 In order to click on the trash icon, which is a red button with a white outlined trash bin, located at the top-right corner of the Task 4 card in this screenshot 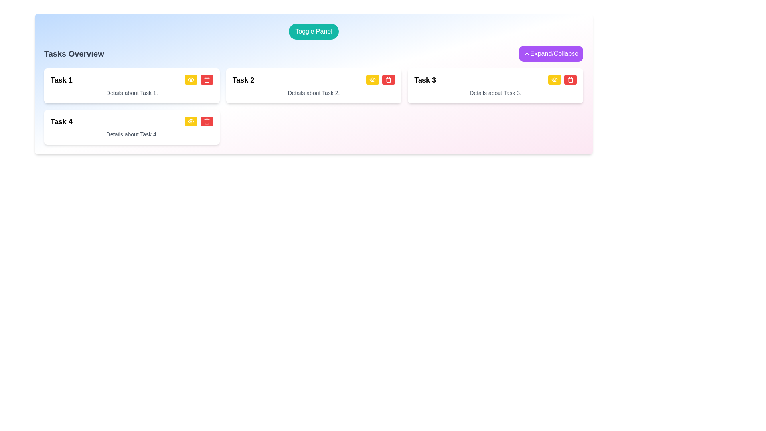, I will do `click(207, 79)`.